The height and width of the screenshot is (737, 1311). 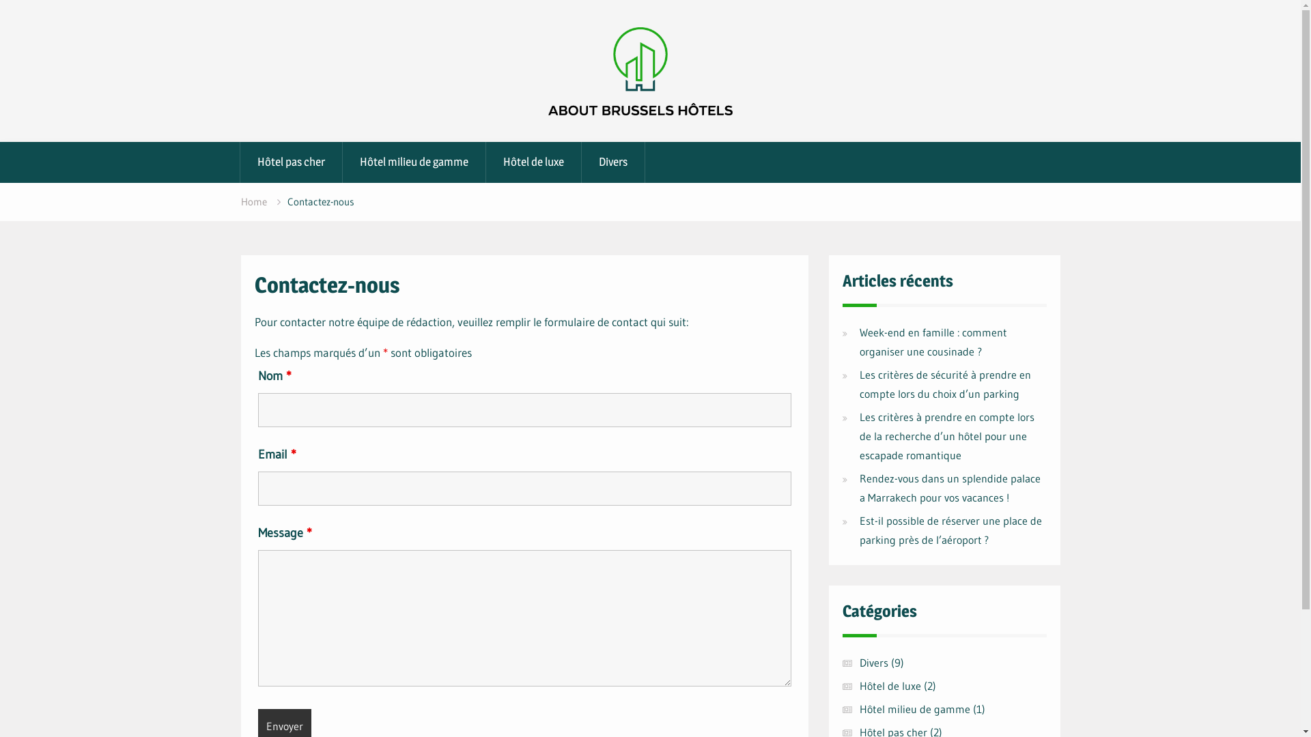 I want to click on 'Divers', so click(x=612, y=162).